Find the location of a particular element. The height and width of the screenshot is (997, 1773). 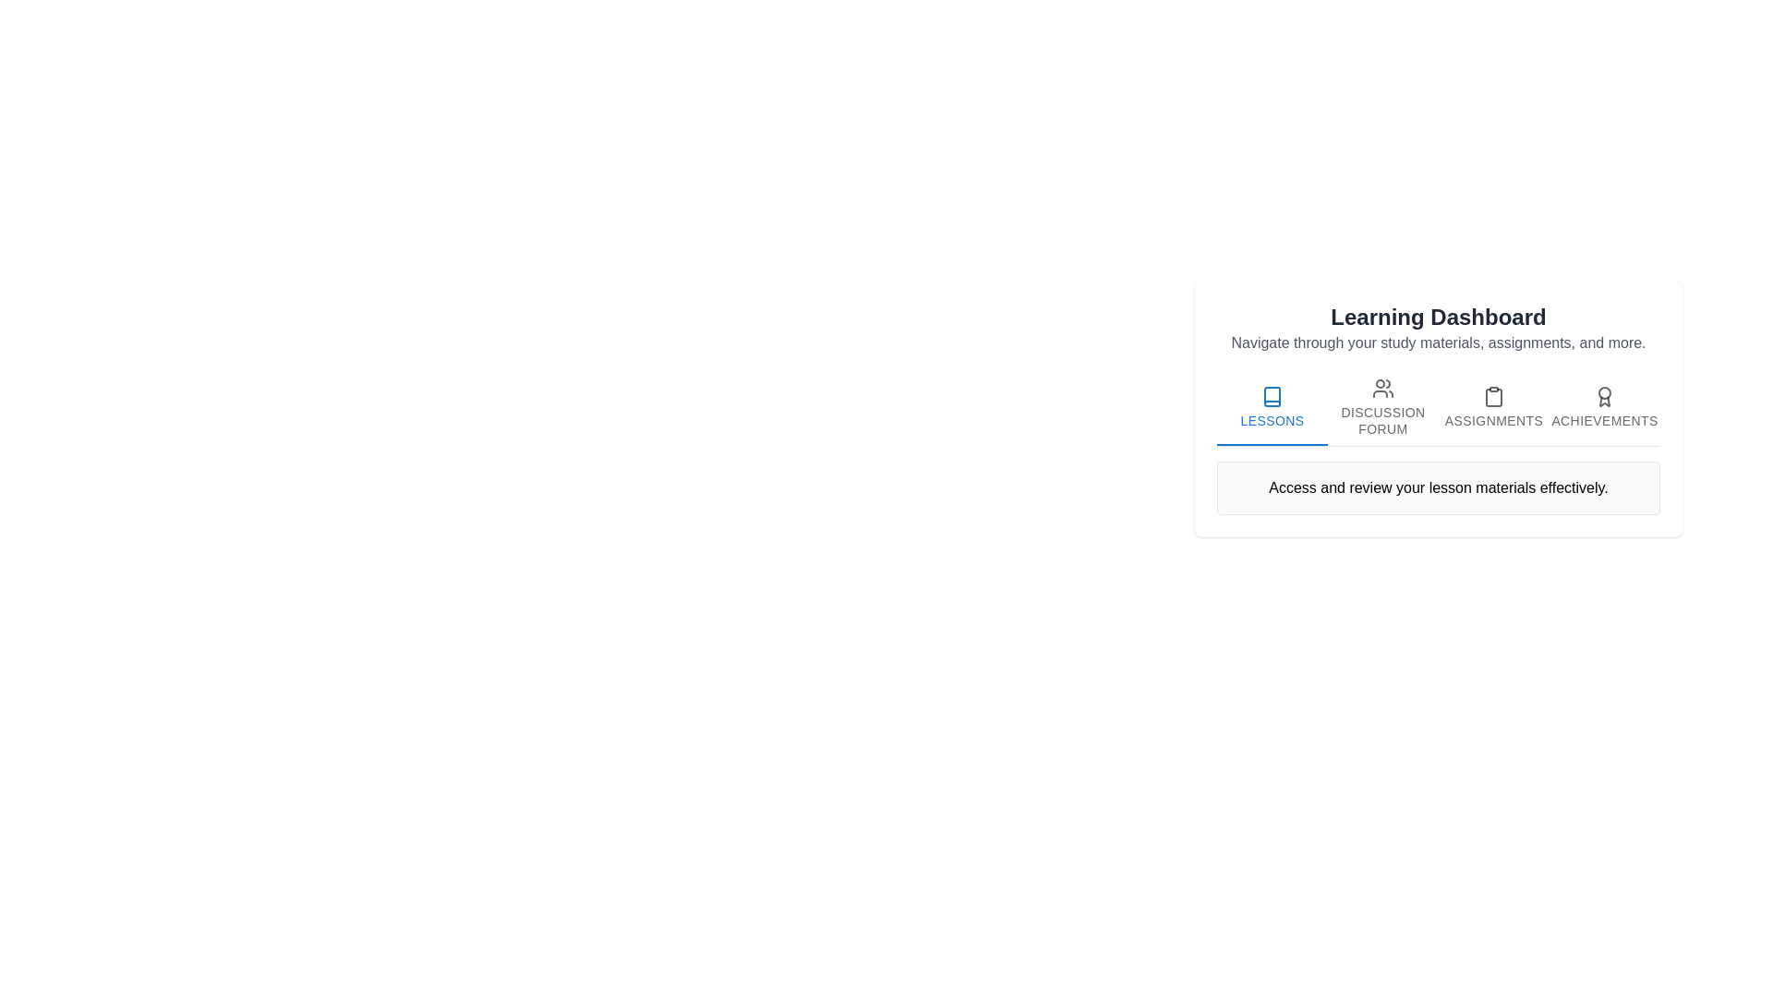

the Informational text block with light gray background that contains the text 'Access and review your lesson materials effectively.' positioned at the bottom of the Learning Dashboard is located at coordinates (1438, 486).